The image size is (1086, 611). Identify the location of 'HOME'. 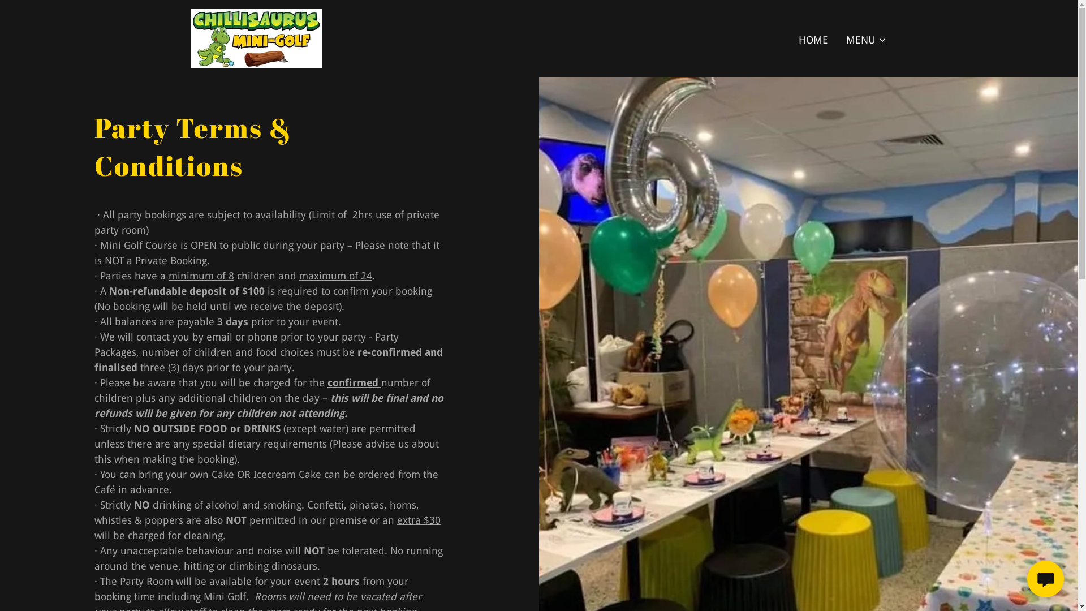
(813, 38).